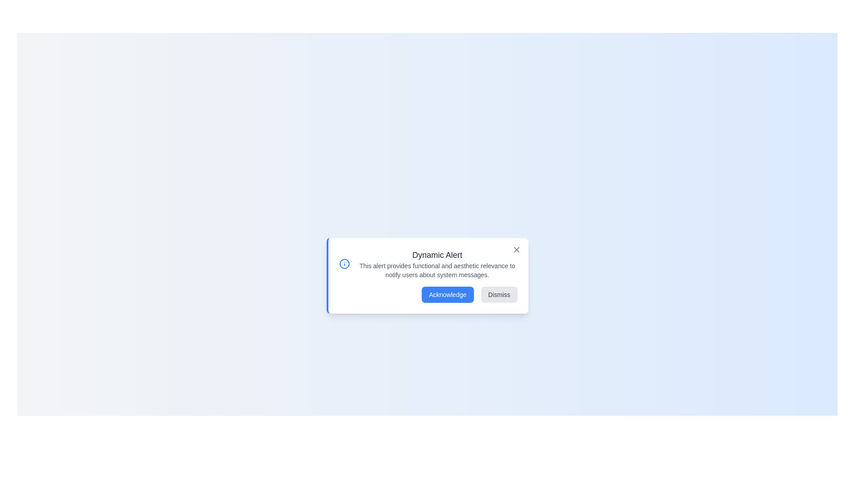 This screenshot has width=865, height=486. Describe the element at coordinates (499, 295) in the screenshot. I see `the 'Dismiss' button to close the alert` at that location.